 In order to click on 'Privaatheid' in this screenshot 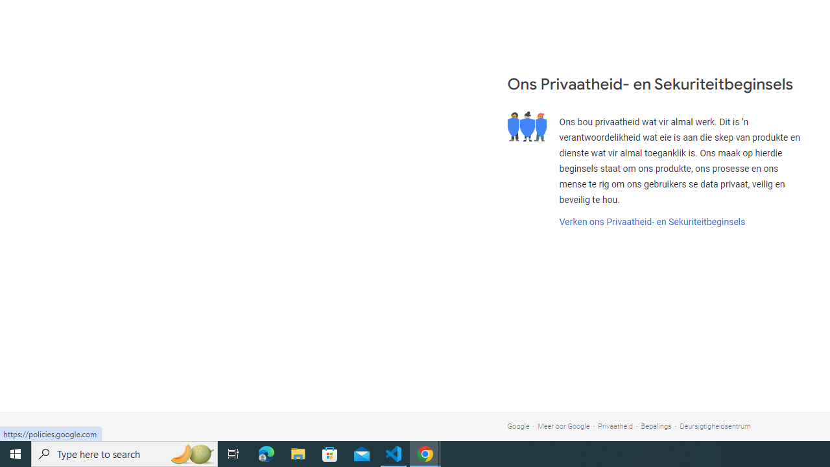, I will do `click(614, 426)`.